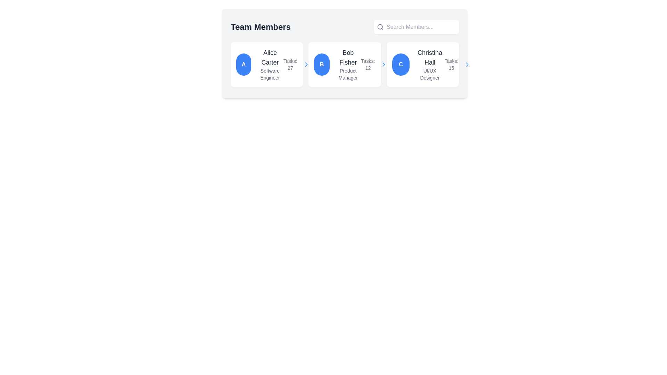 The width and height of the screenshot is (667, 375). What do you see at coordinates (380, 26) in the screenshot?
I see `the circular component of the search icon located at the top-right corner of the interface` at bounding box center [380, 26].